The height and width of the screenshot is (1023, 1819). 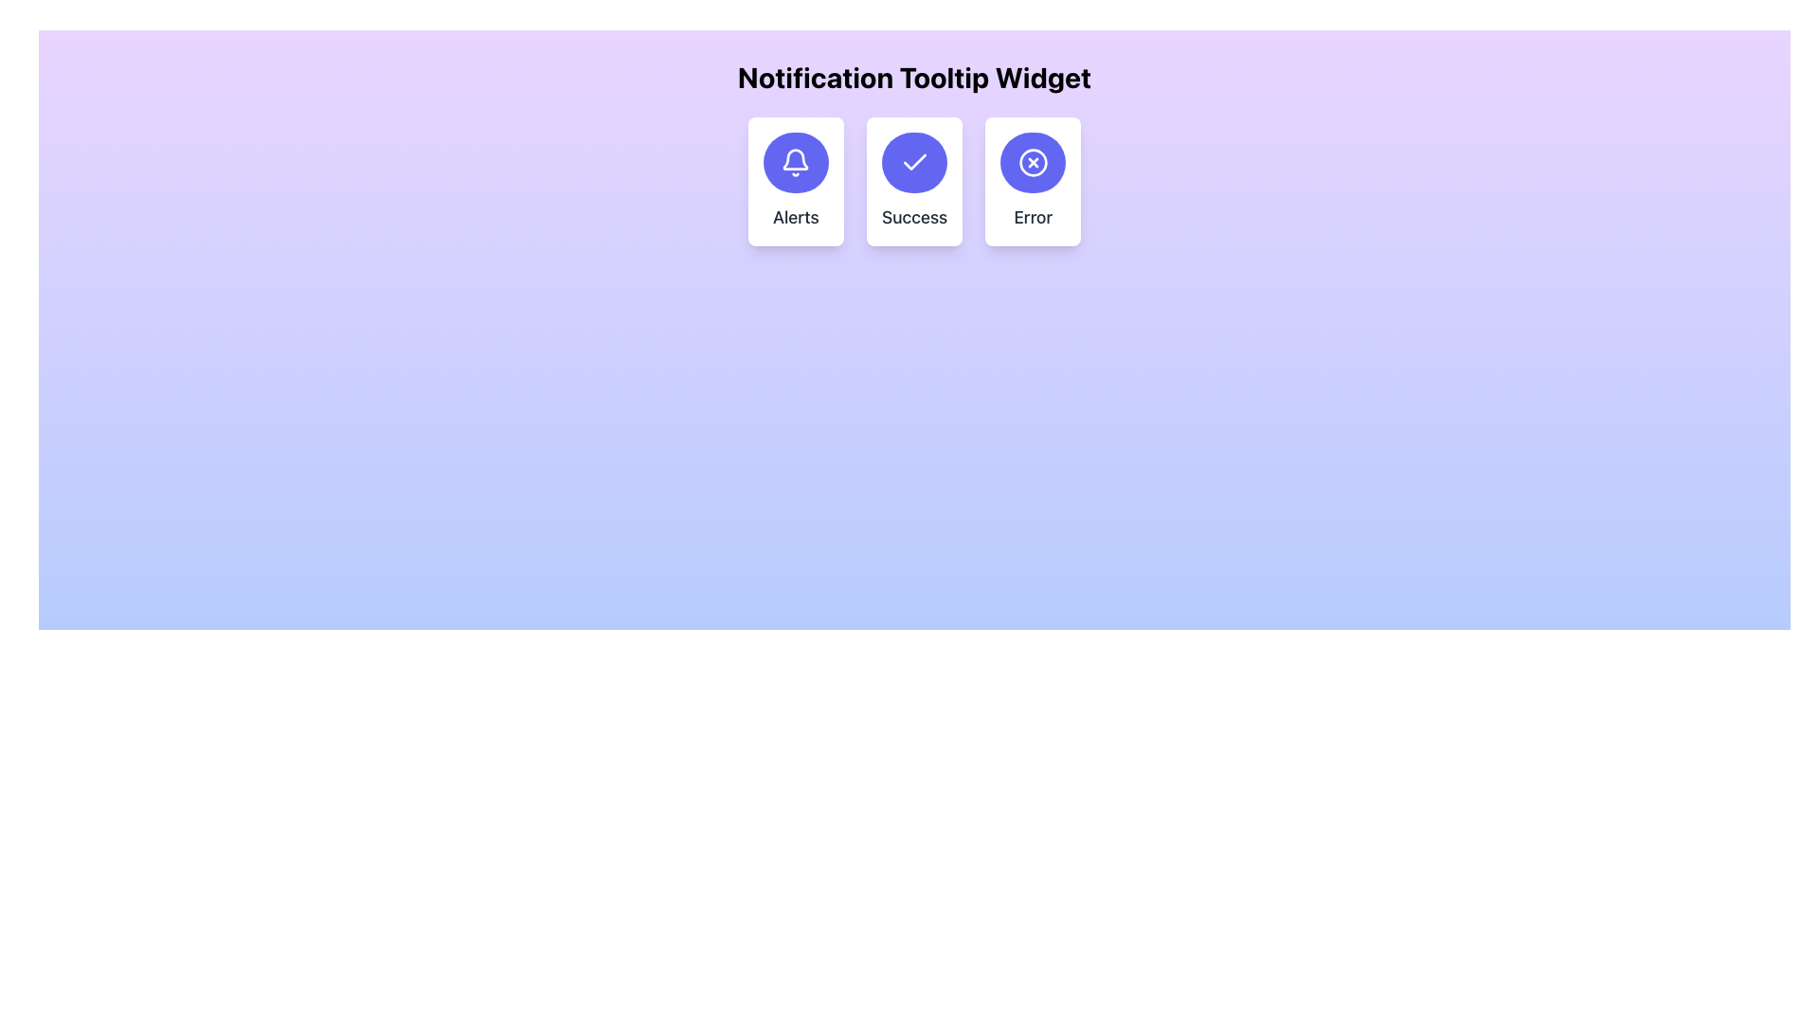 I want to click on the 'Alerts' button-like card element located at the upper central part of the layout, so click(x=796, y=182).